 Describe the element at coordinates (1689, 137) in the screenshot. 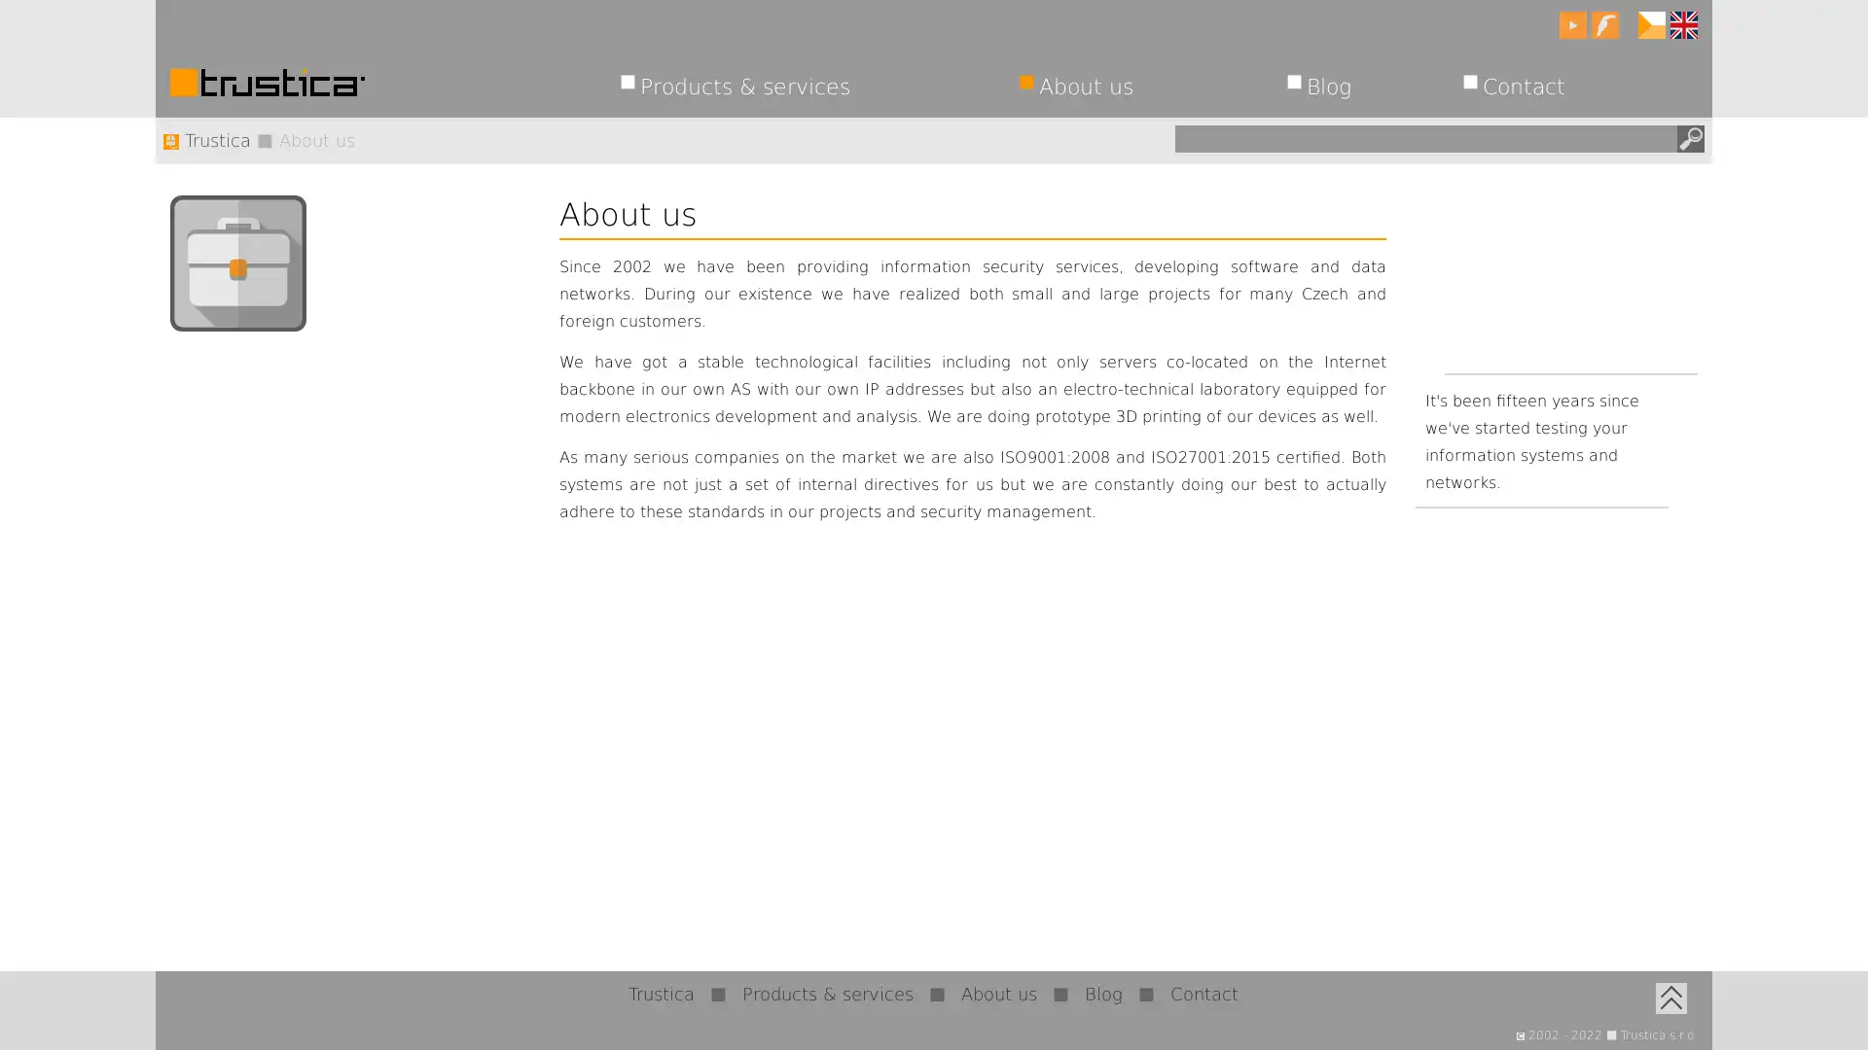

I see `Search` at that location.